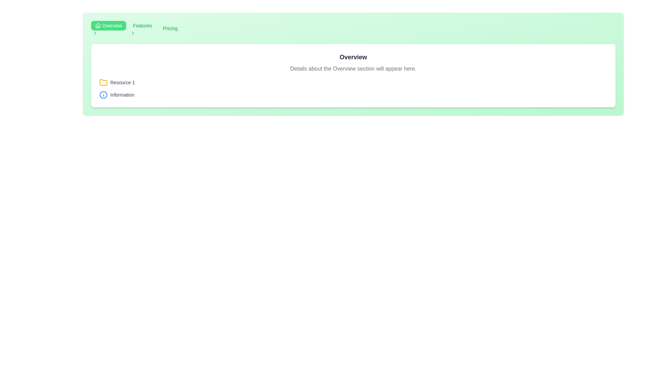  I want to click on the 'Pricing' hyperlinked text menu item, which is styled in green and located in the header among navigation links, so click(170, 28).